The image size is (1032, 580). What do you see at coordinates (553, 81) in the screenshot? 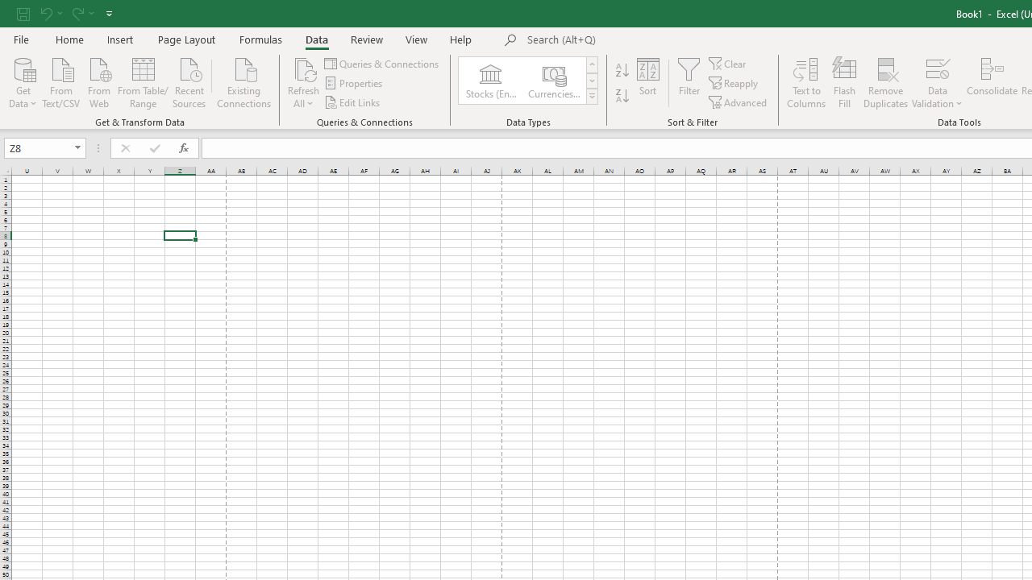
I see `'Currencies (English)'` at bounding box center [553, 81].